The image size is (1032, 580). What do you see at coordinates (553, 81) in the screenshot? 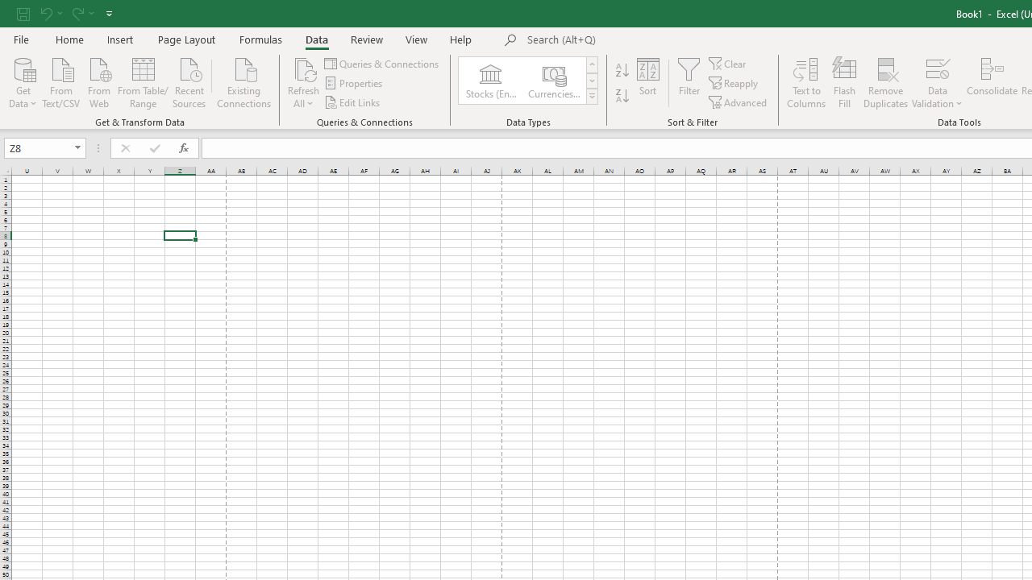
I see `'Currencies (English)'` at bounding box center [553, 81].